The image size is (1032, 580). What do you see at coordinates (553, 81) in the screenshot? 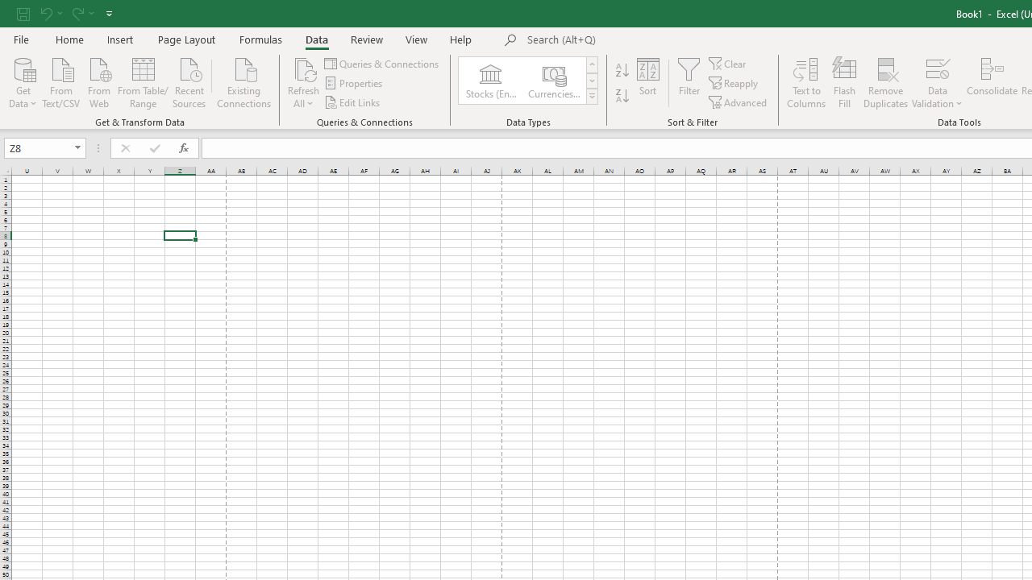
I see `'Currencies (English)'` at bounding box center [553, 81].